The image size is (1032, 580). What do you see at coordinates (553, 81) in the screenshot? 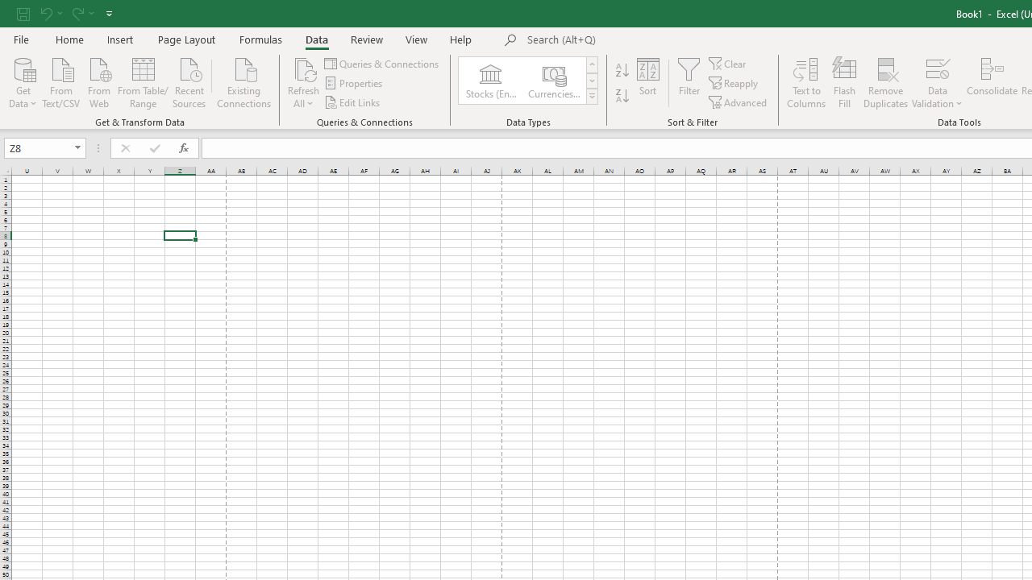
I see `'Currencies (English)'` at bounding box center [553, 81].